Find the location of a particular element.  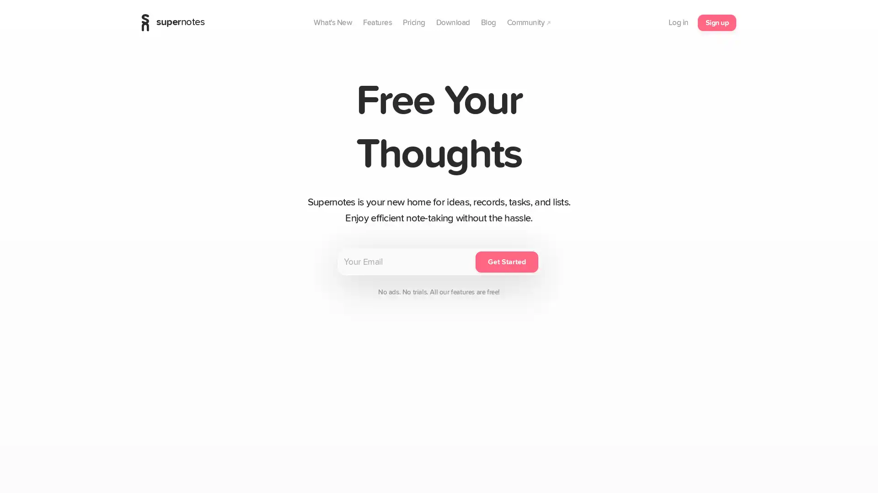

Sign up is located at coordinates (716, 22).